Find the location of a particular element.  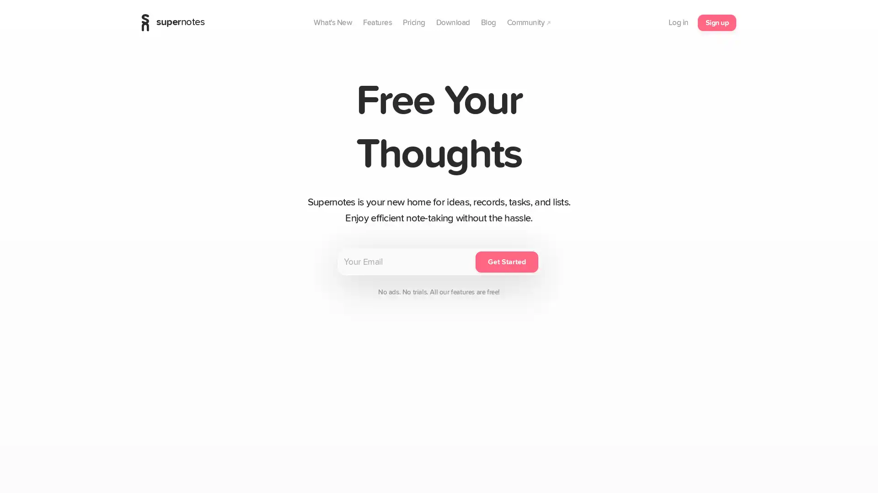

Sign up is located at coordinates (716, 22).